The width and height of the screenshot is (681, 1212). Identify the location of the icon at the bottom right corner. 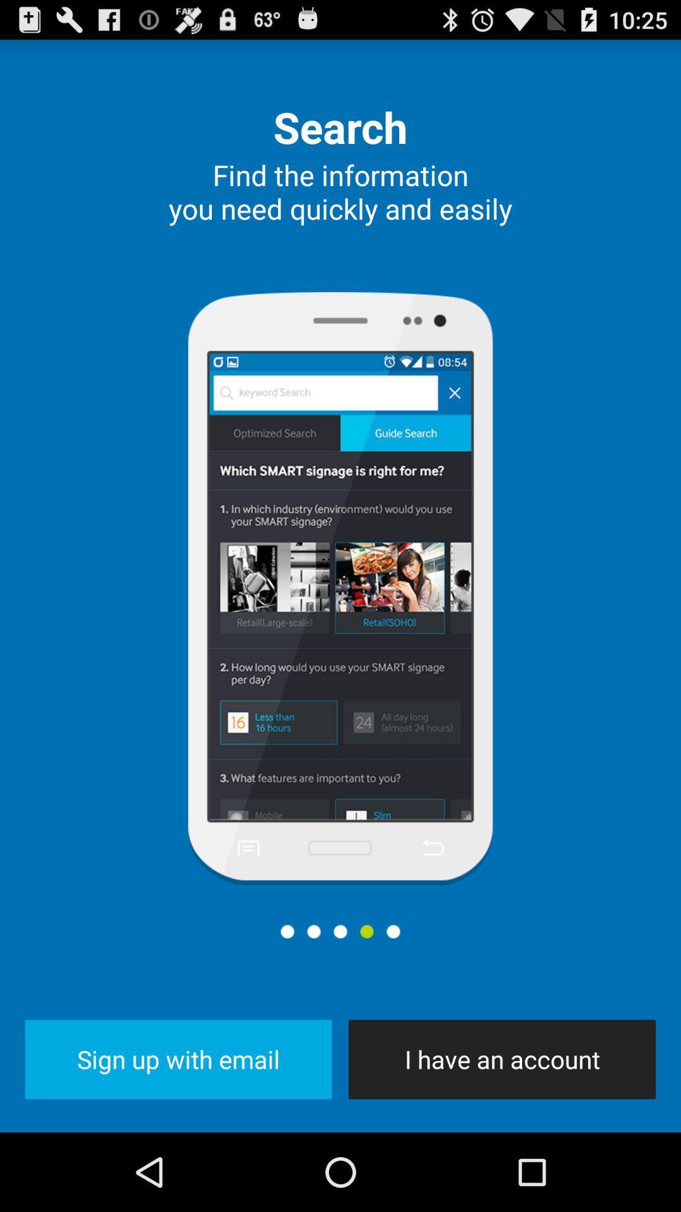
(501, 1059).